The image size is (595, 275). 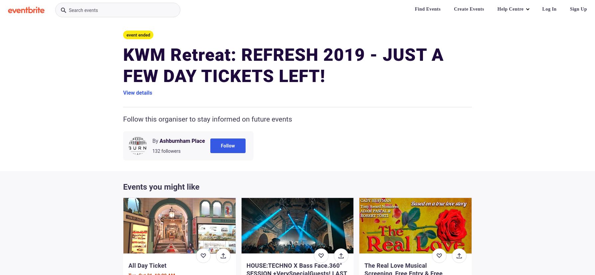 What do you see at coordinates (469, 9) in the screenshot?
I see `'Create Events'` at bounding box center [469, 9].